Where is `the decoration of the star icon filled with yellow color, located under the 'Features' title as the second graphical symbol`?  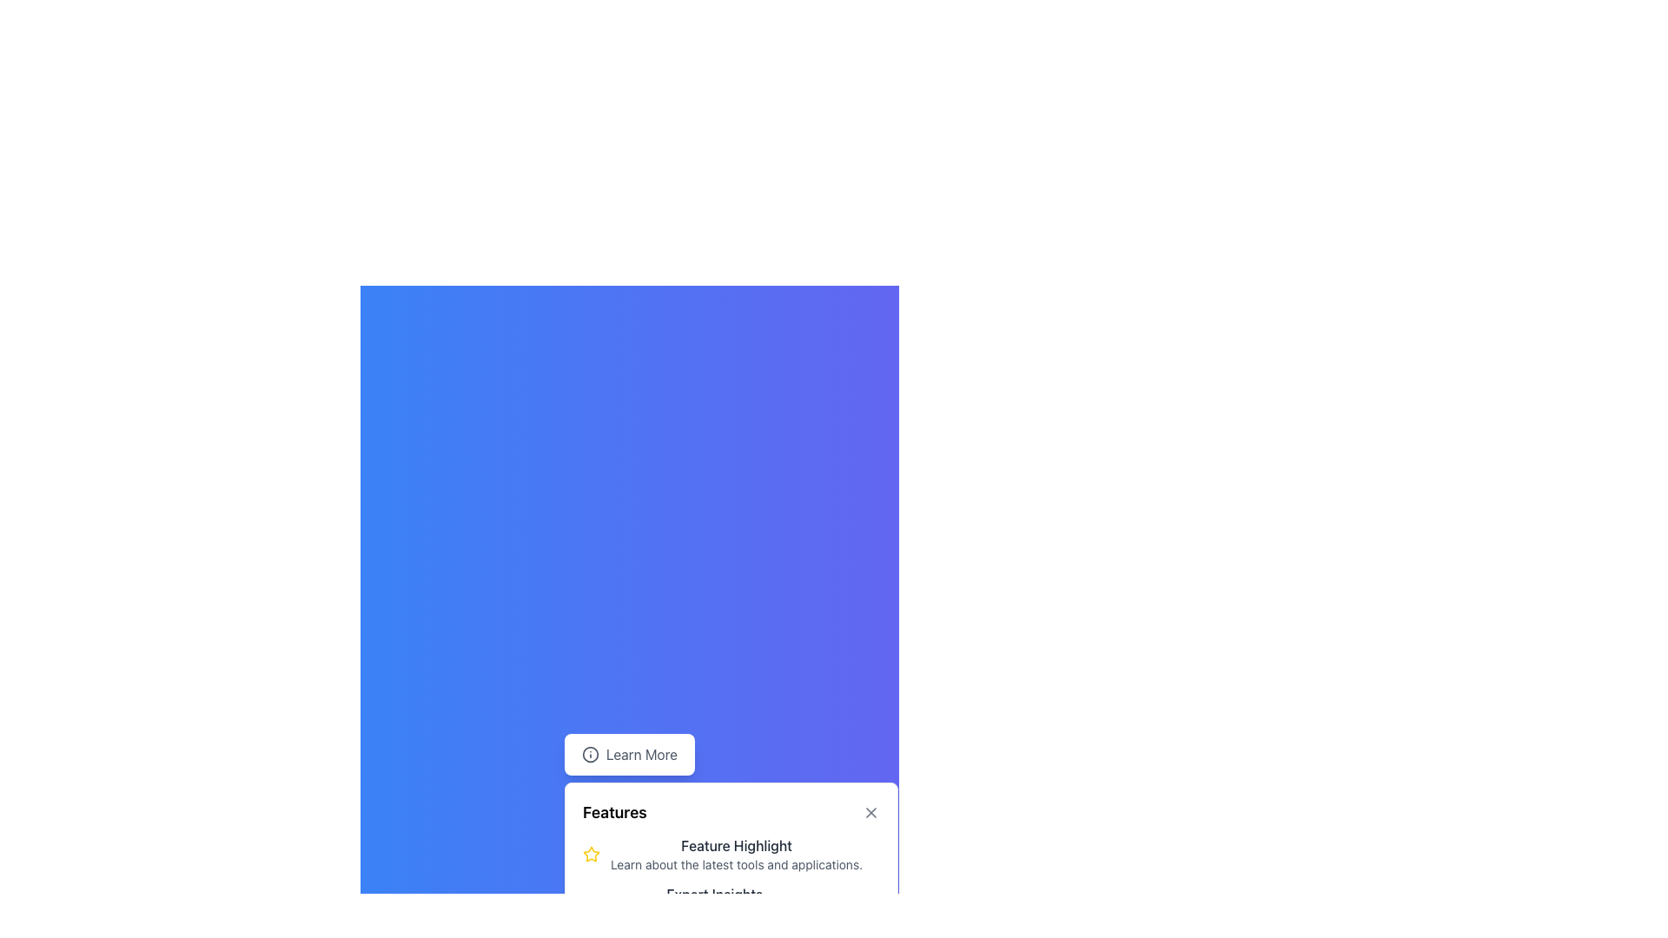
the decoration of the star icon filled with yellow color, located under the 'Features' title as the second graphical symbol is located at coordinates (592, 902).